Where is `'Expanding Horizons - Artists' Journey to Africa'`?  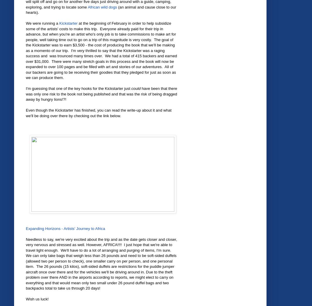 'Expanding Horizons - Artists' Journey to Africa' is located at coordinates (26, 228).